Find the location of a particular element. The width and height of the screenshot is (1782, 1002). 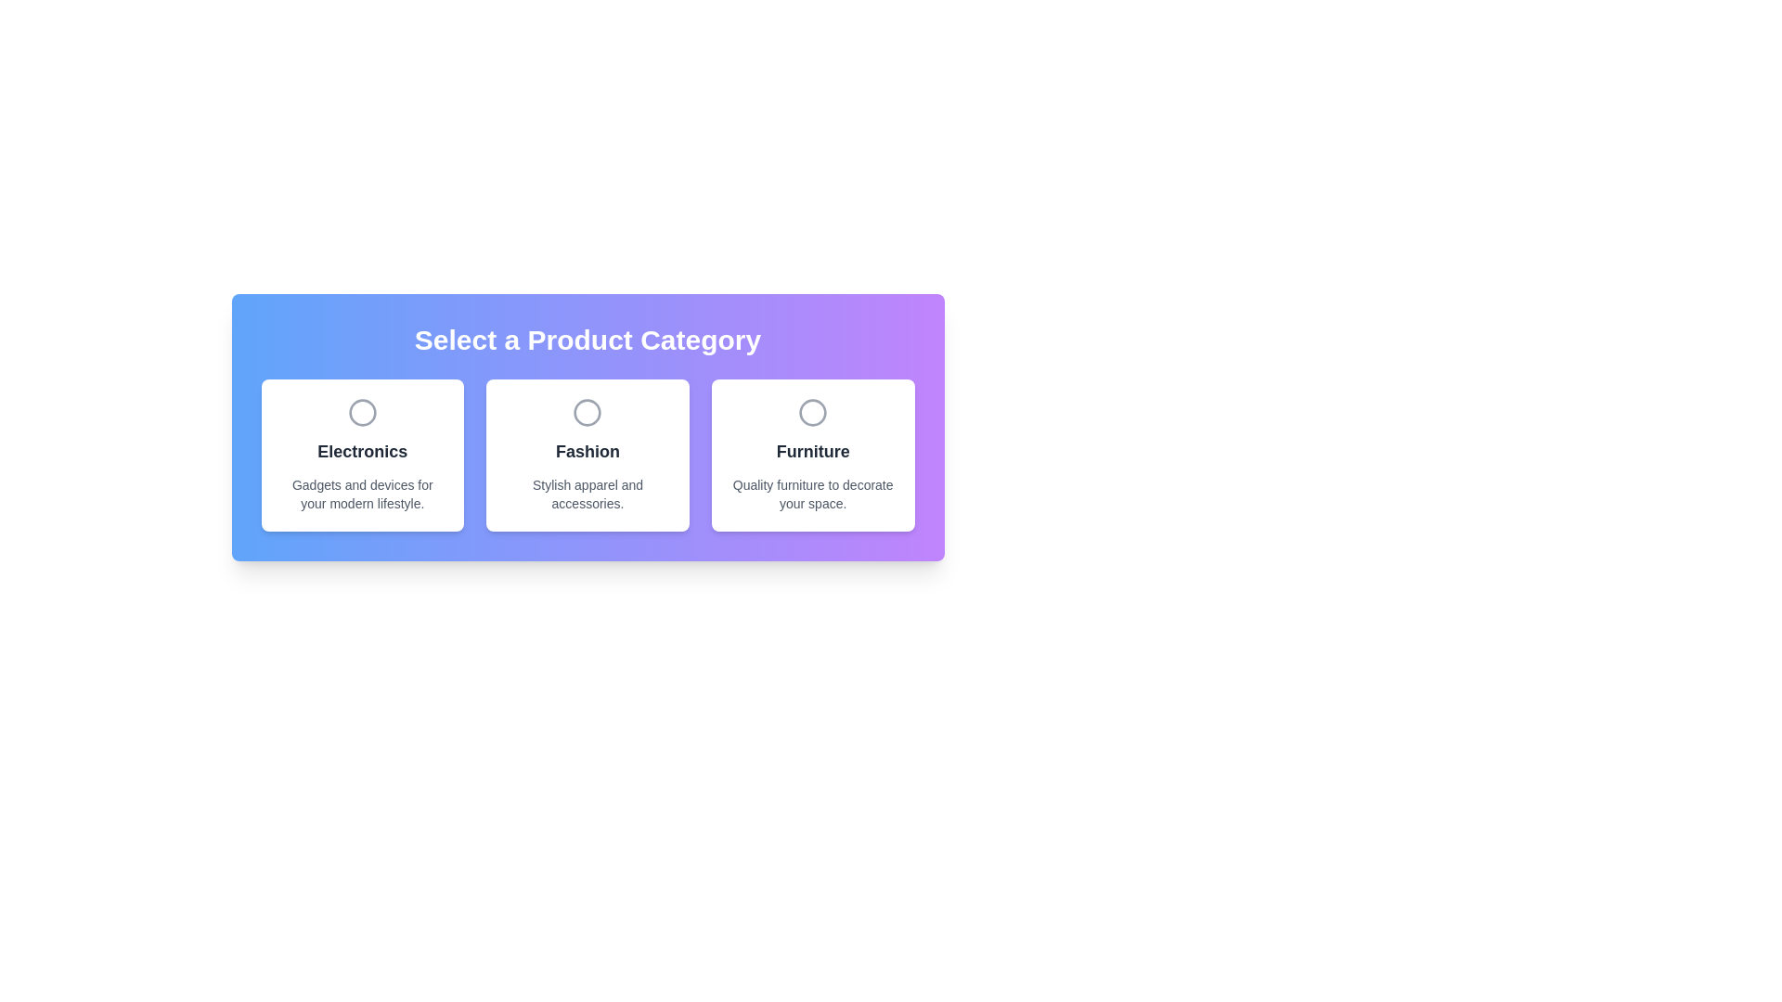

the circular icon with a gray outline located above the text 'Fashion' in the second category card is located at coordinates (587, 411).